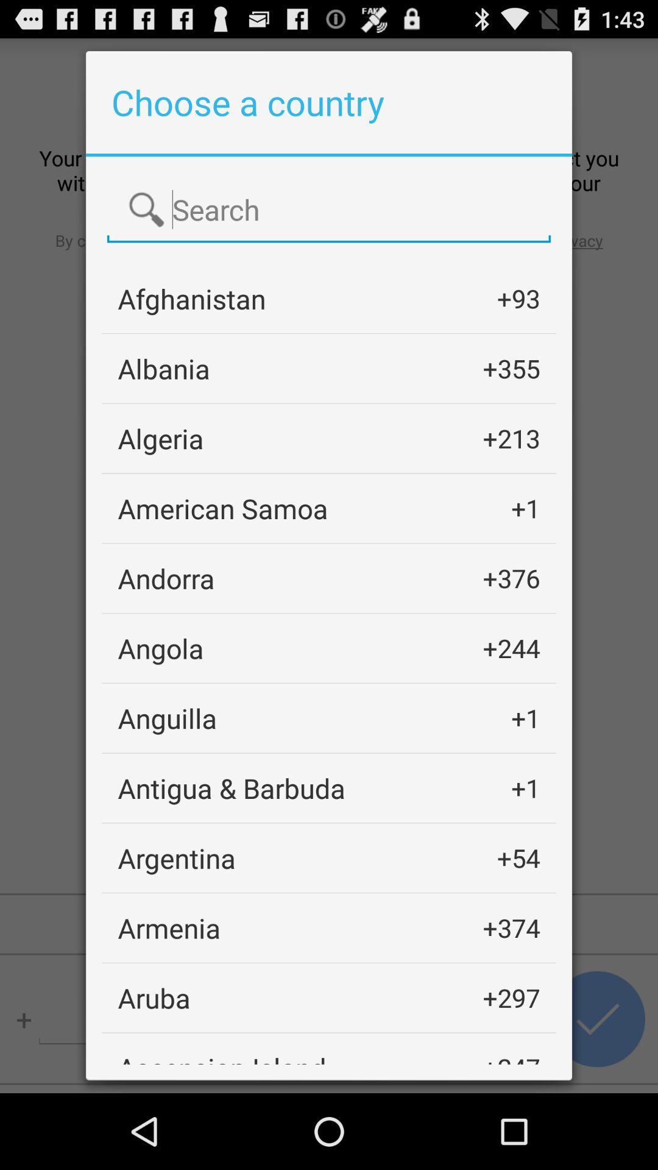 The height and width of the screenshot is (1170, 658). What do you see at coordinates (511, 1056) in the screenshot?
I see `icon to the right of ascension island item` at bounding box center [511, 1056].